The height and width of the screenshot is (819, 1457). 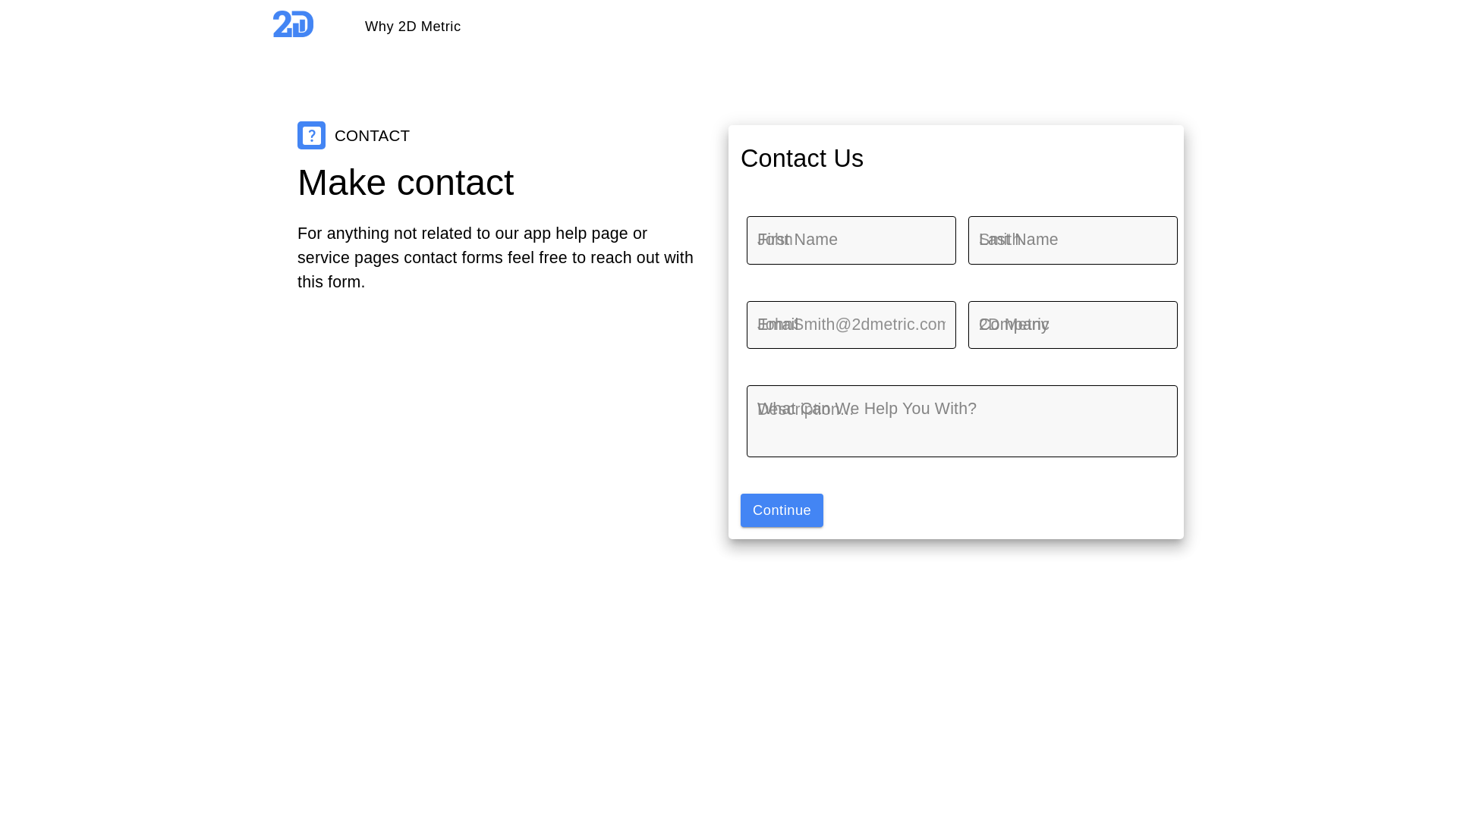 I want to click on 'Continue', so click(x=782, y=510).